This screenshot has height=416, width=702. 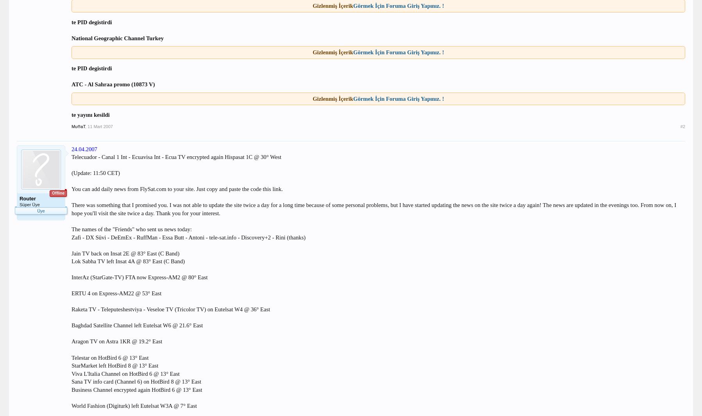 I want to click on 'StarMarket left HotBird 8 @ 13° East', so click(x=70, y=366).